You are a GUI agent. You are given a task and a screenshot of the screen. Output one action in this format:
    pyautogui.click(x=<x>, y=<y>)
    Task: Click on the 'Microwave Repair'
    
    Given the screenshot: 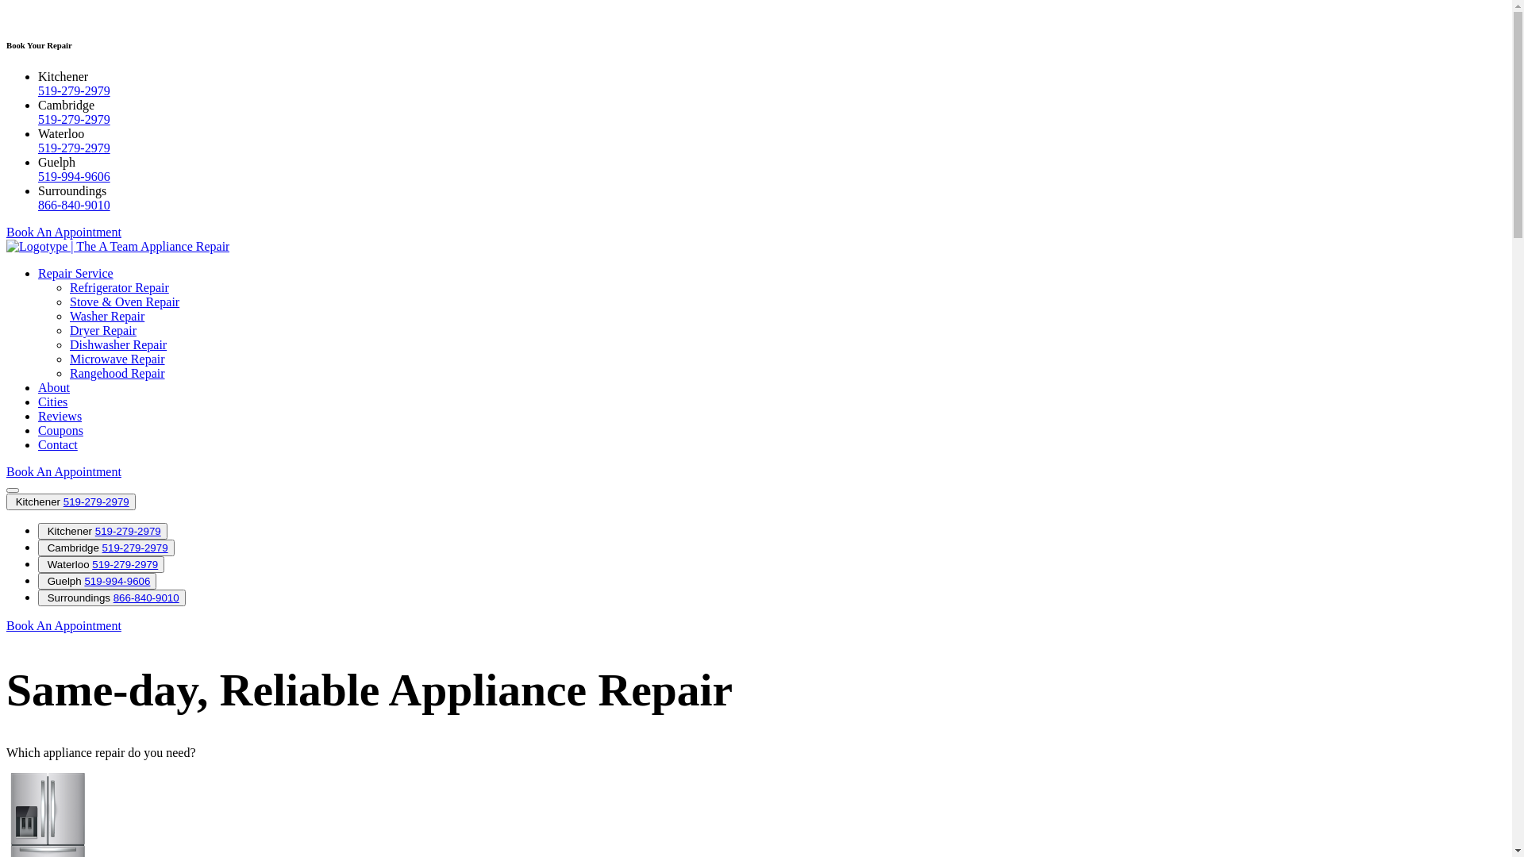 What is the action you would take?
    pyautogui.click(x=117, y=359)
    